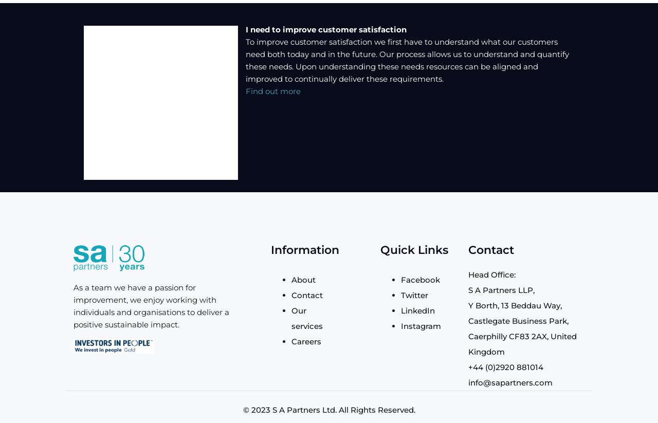 The height and width of the screenshot is (423, 658). What do you see at coordinates (421, 279) in the screenshot?
I see `'Facebook'` at bounding box center [421, 279].